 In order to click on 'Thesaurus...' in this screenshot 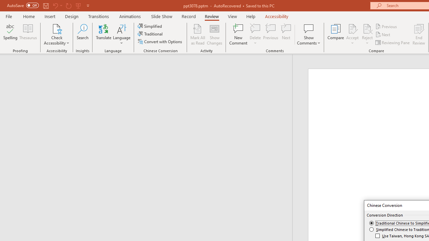, I will do `click(27, 34)`.